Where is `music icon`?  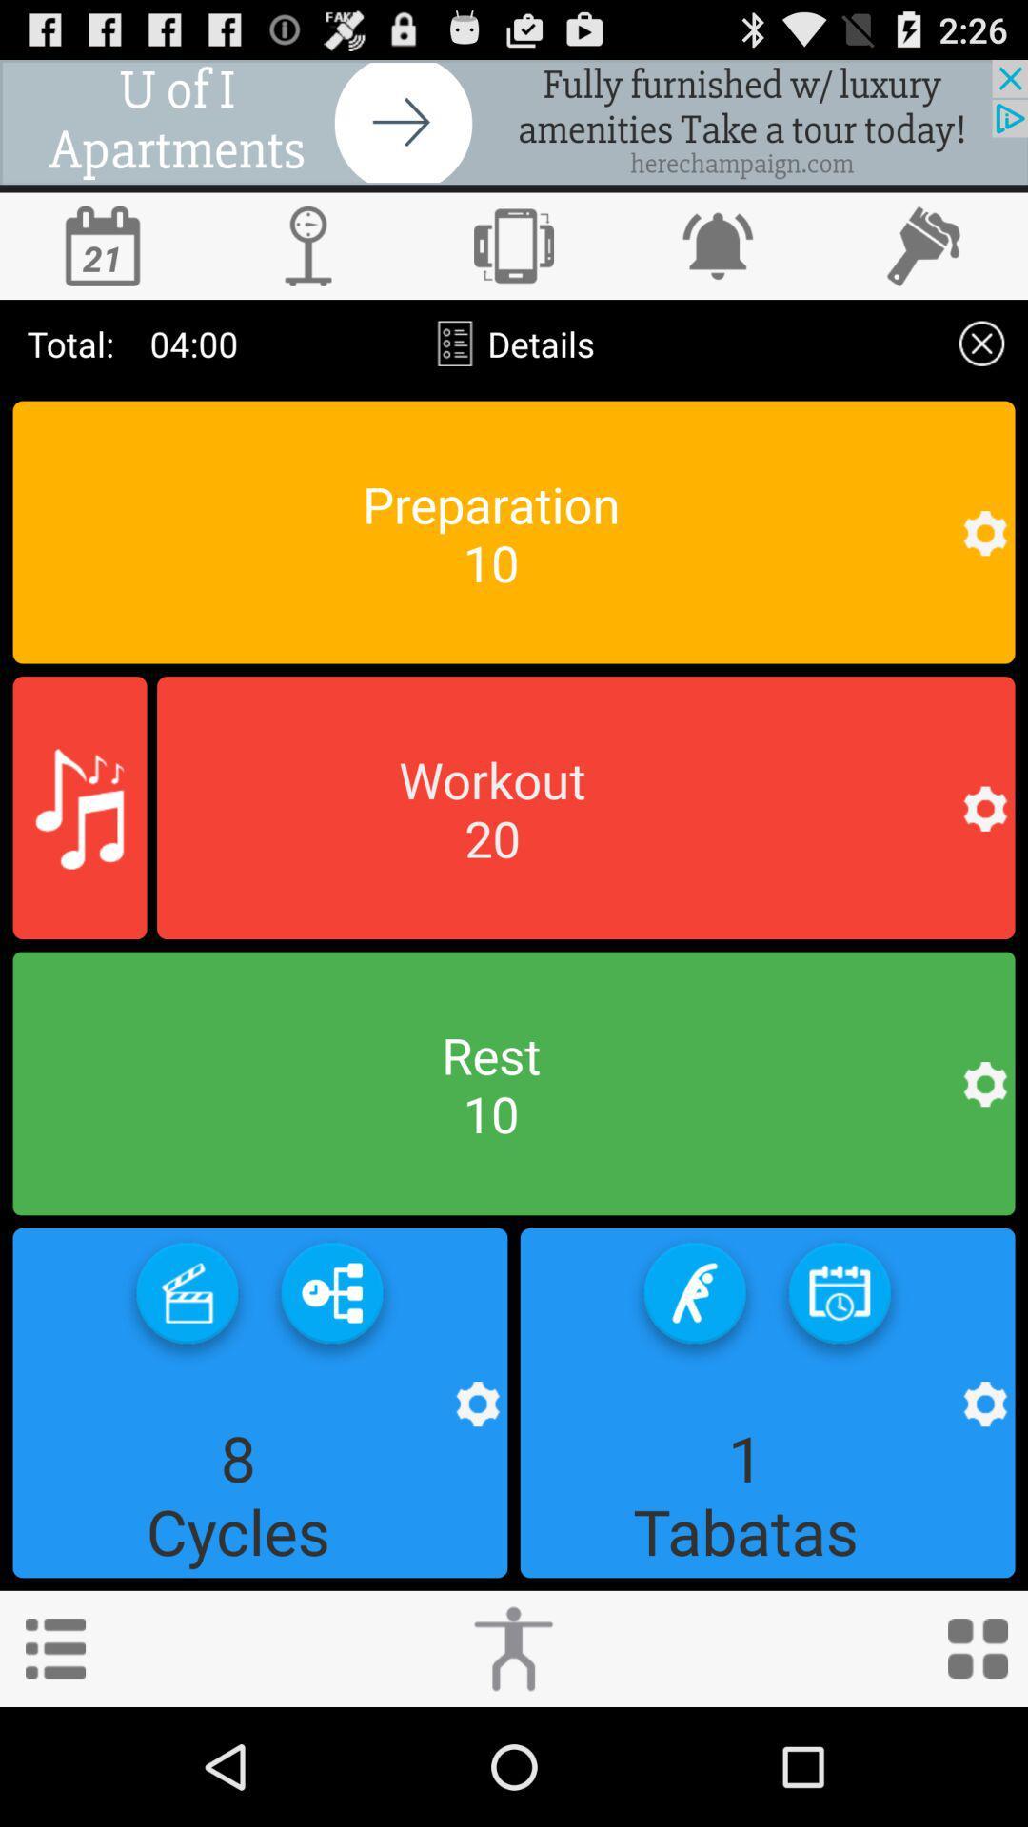
music icon is located at coordinates (79, 808).